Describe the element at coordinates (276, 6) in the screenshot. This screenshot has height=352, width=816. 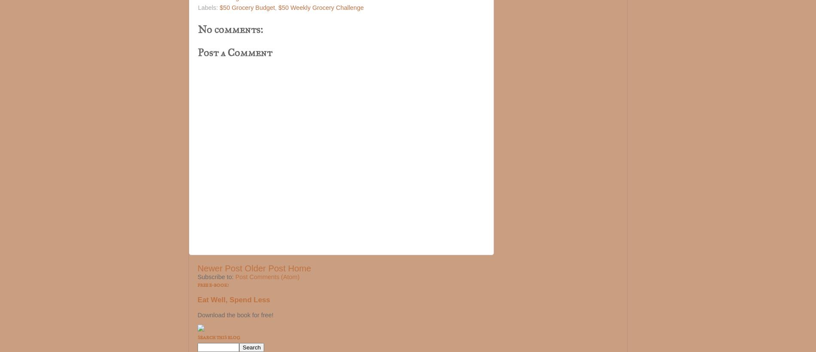
I see `','` at that location.